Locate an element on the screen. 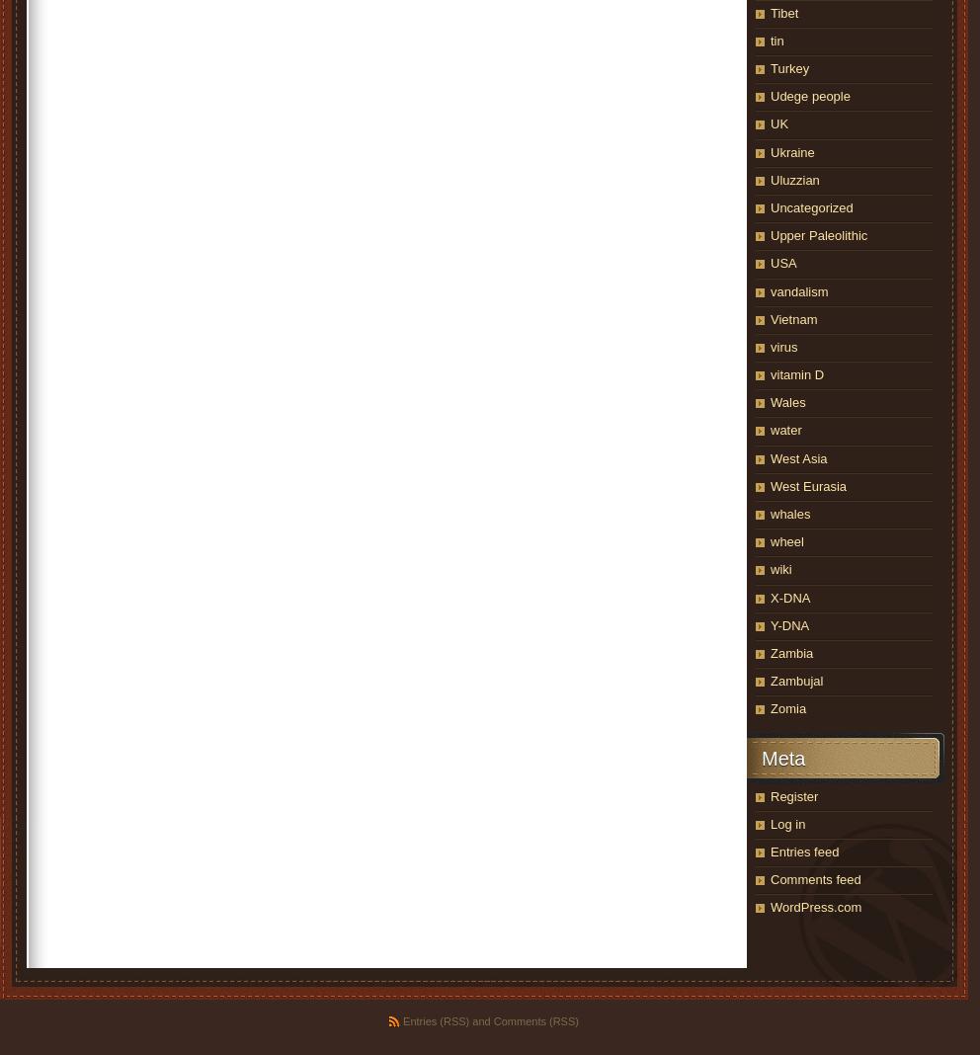  'West Eurasia' is located at coordinates (808, 485).